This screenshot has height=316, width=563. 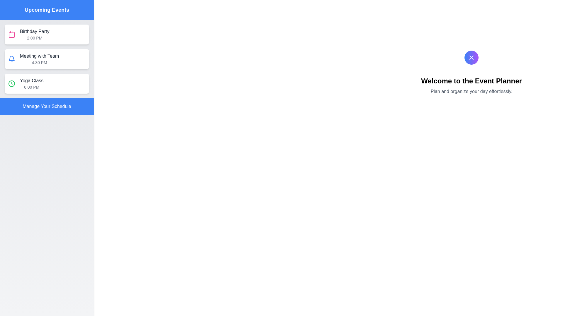 What do you see at coordinates (11, 59) in the screenshot?
I see `the notification icon associated with the event 'Meeting with Team' located` at bounding box center [11, 59].